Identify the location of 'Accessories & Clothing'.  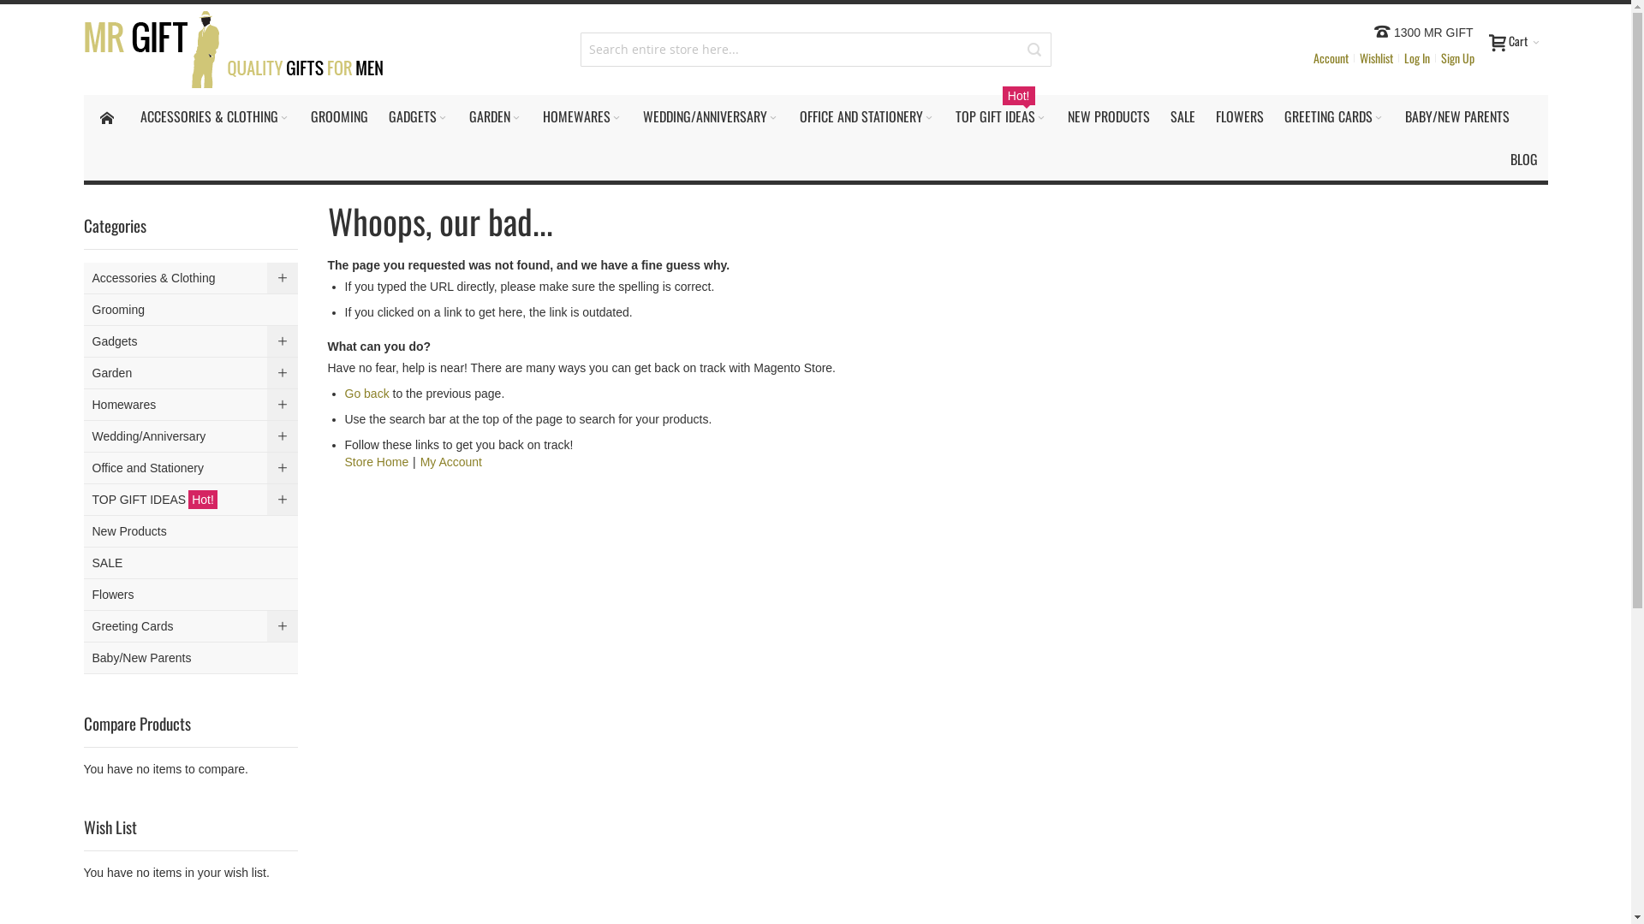
(191, 277).